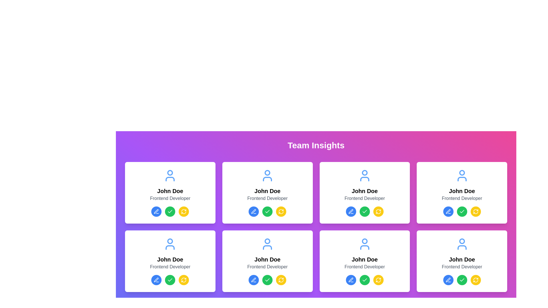  I want to click on the SVG Icon representing confirmation or approval action, located in the first row, second column of user profile cards, so click(267, 211).